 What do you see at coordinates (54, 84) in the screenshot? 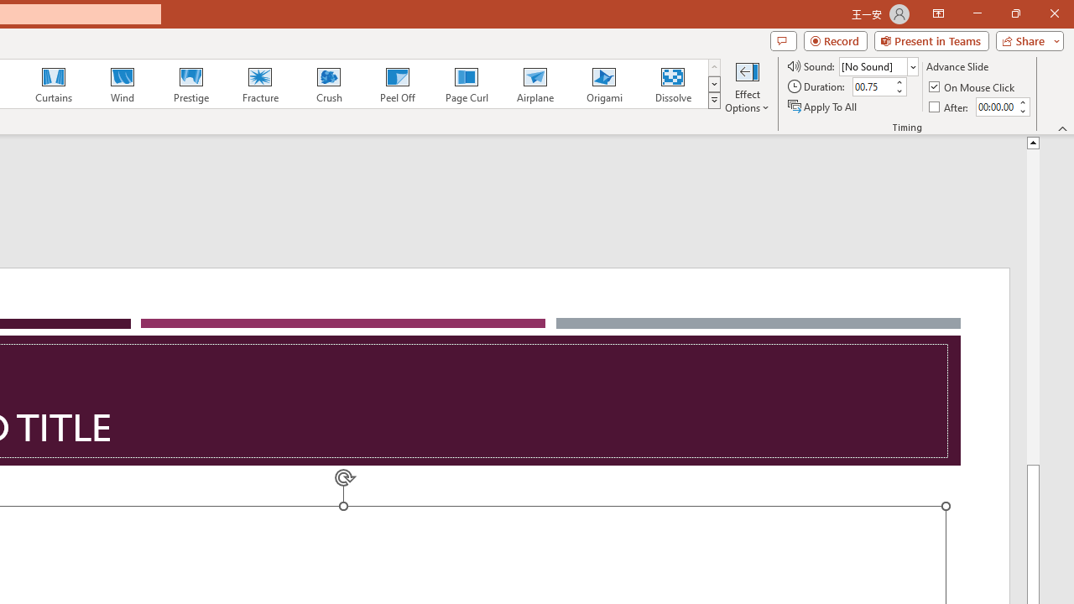
I see `'Curtains'` at bounding box center [54, 84].